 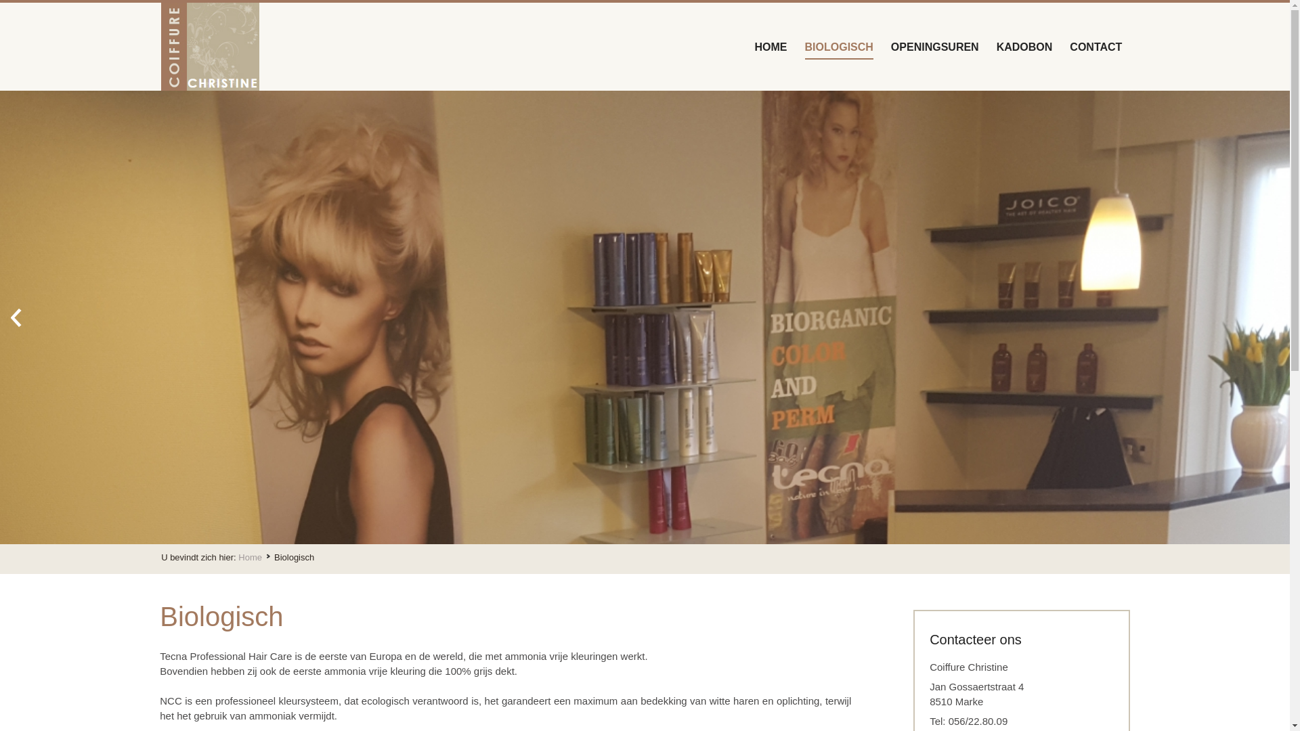 I want to click on 'HOME', so click(x=771, y=45).